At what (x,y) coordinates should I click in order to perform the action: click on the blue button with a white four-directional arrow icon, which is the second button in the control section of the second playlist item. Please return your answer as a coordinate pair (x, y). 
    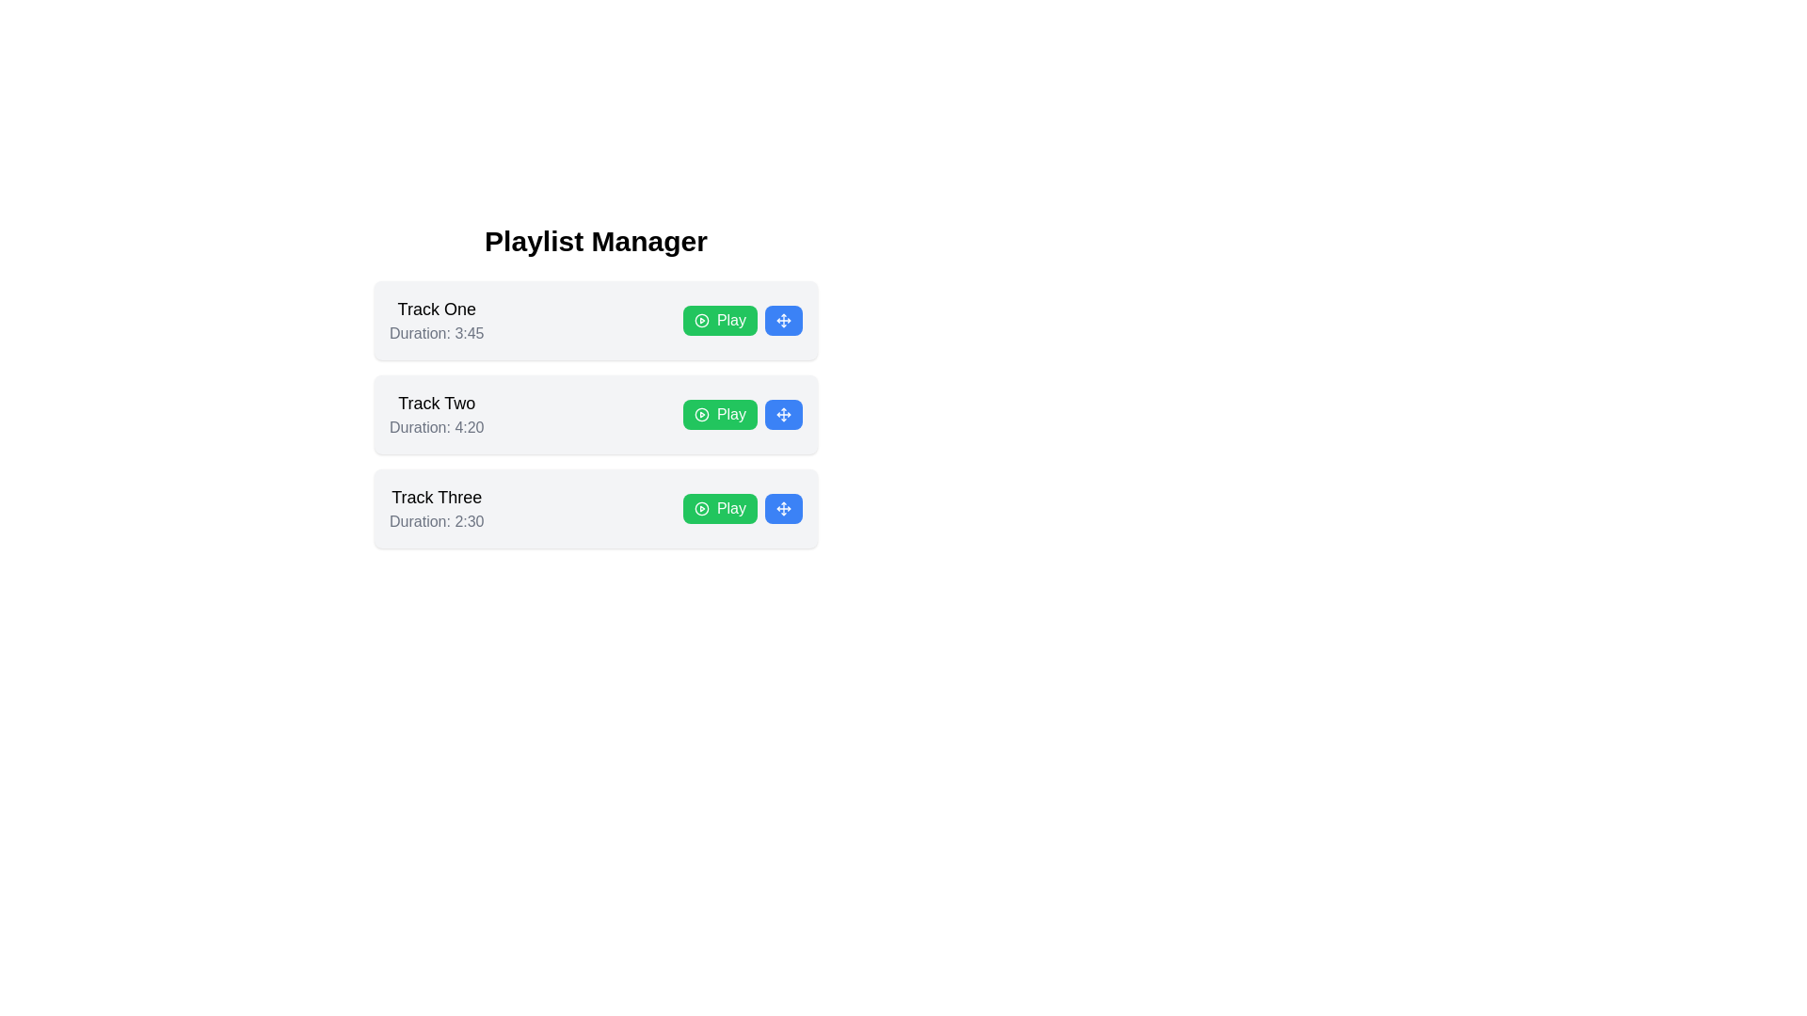
    Looking at the image, I should click on (784, 413).